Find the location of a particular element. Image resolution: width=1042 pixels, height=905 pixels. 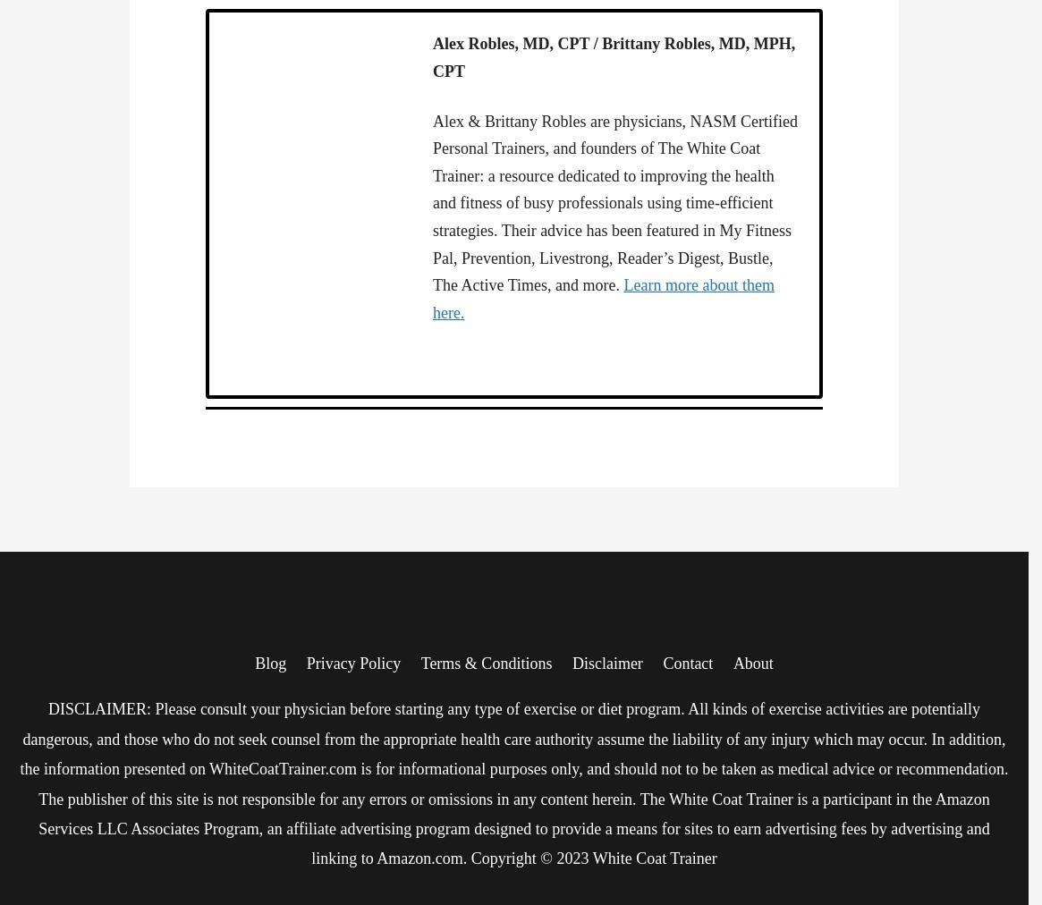

'DISCLAIMER: Please consult your physician before starting any type of exercise or diet program. All kinds of exercise activities are potentially dangerous, and those who do not seek counsel from the appropriate health care authority assume the liability of any injury which may occur. In addition, the information presented on WhiteCoatTrainer.com is for informational purposes only, and should not to be taken as medical advice or recommendation. The publisher of this site is not responsible for any errors or omissions in any content herein. The White Coat Trainer is a participant in the Amazon Services LLC Associates Program, an affiliate advertising program designed to provide a means for sites to earn advertising fees by advertising and linking to Amazon.com.  

Copyright © 2023 White Coat Trainer' is located at coordinates (513, 782).